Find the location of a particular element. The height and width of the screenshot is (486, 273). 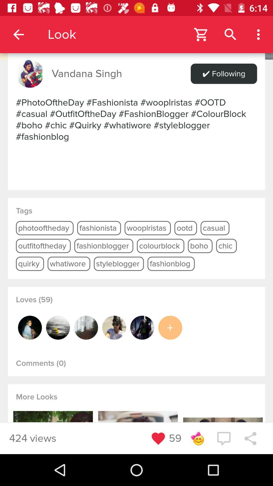

look at user profile is located at coordinates (30, 328).